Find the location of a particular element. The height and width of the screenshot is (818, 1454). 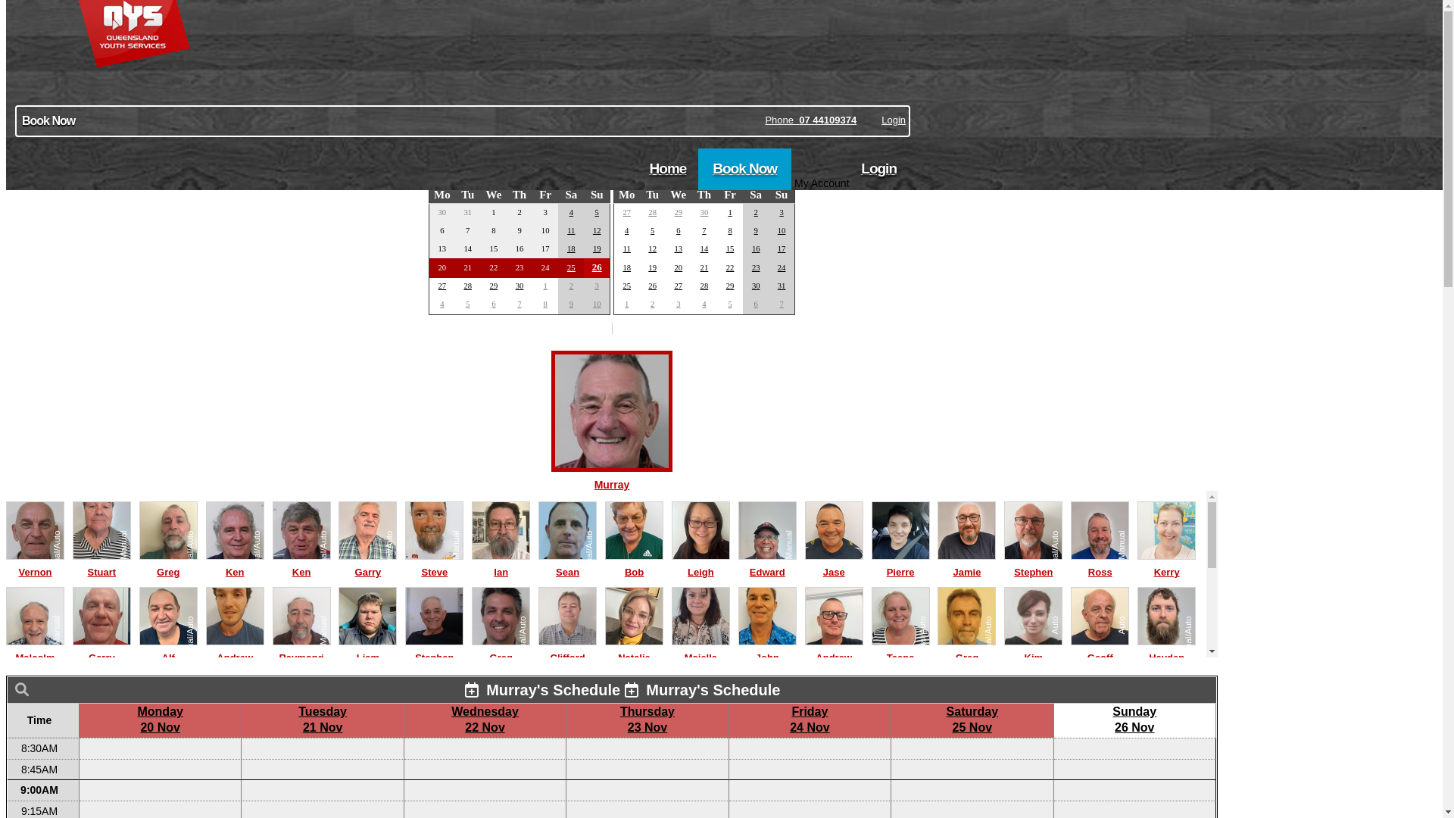

'25' is located at coordinates (626, 286).